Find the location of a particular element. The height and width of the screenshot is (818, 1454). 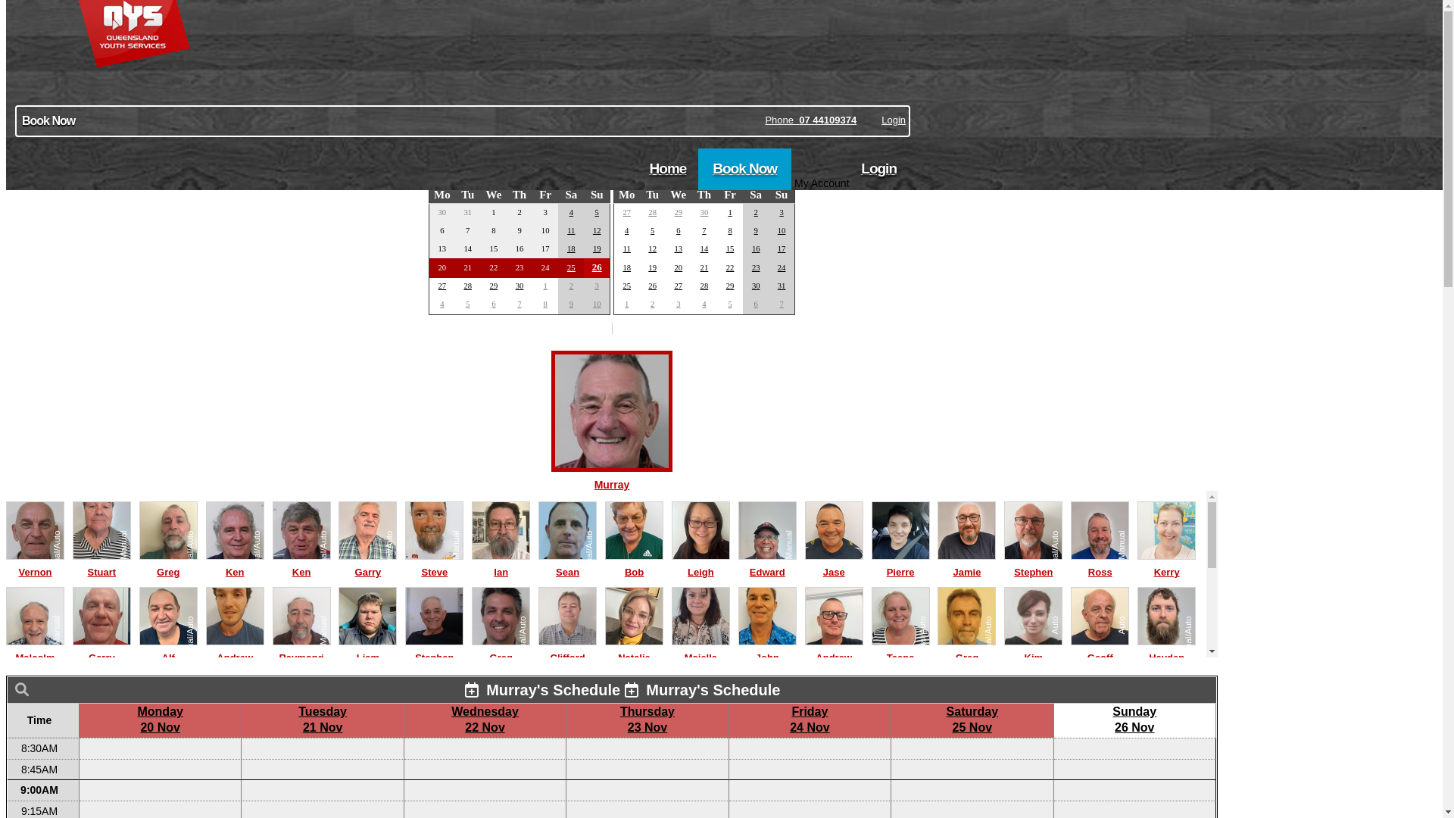

'25' is located at coordinates (626, 286).